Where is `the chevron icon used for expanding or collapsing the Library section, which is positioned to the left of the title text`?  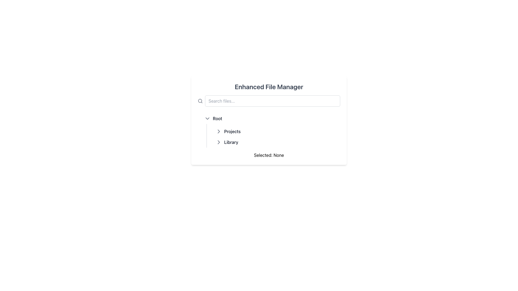
the chevron icon used for expanding or collapsing the Library section, which is positioned to the left of the title text is located at coordinates (219, 142).